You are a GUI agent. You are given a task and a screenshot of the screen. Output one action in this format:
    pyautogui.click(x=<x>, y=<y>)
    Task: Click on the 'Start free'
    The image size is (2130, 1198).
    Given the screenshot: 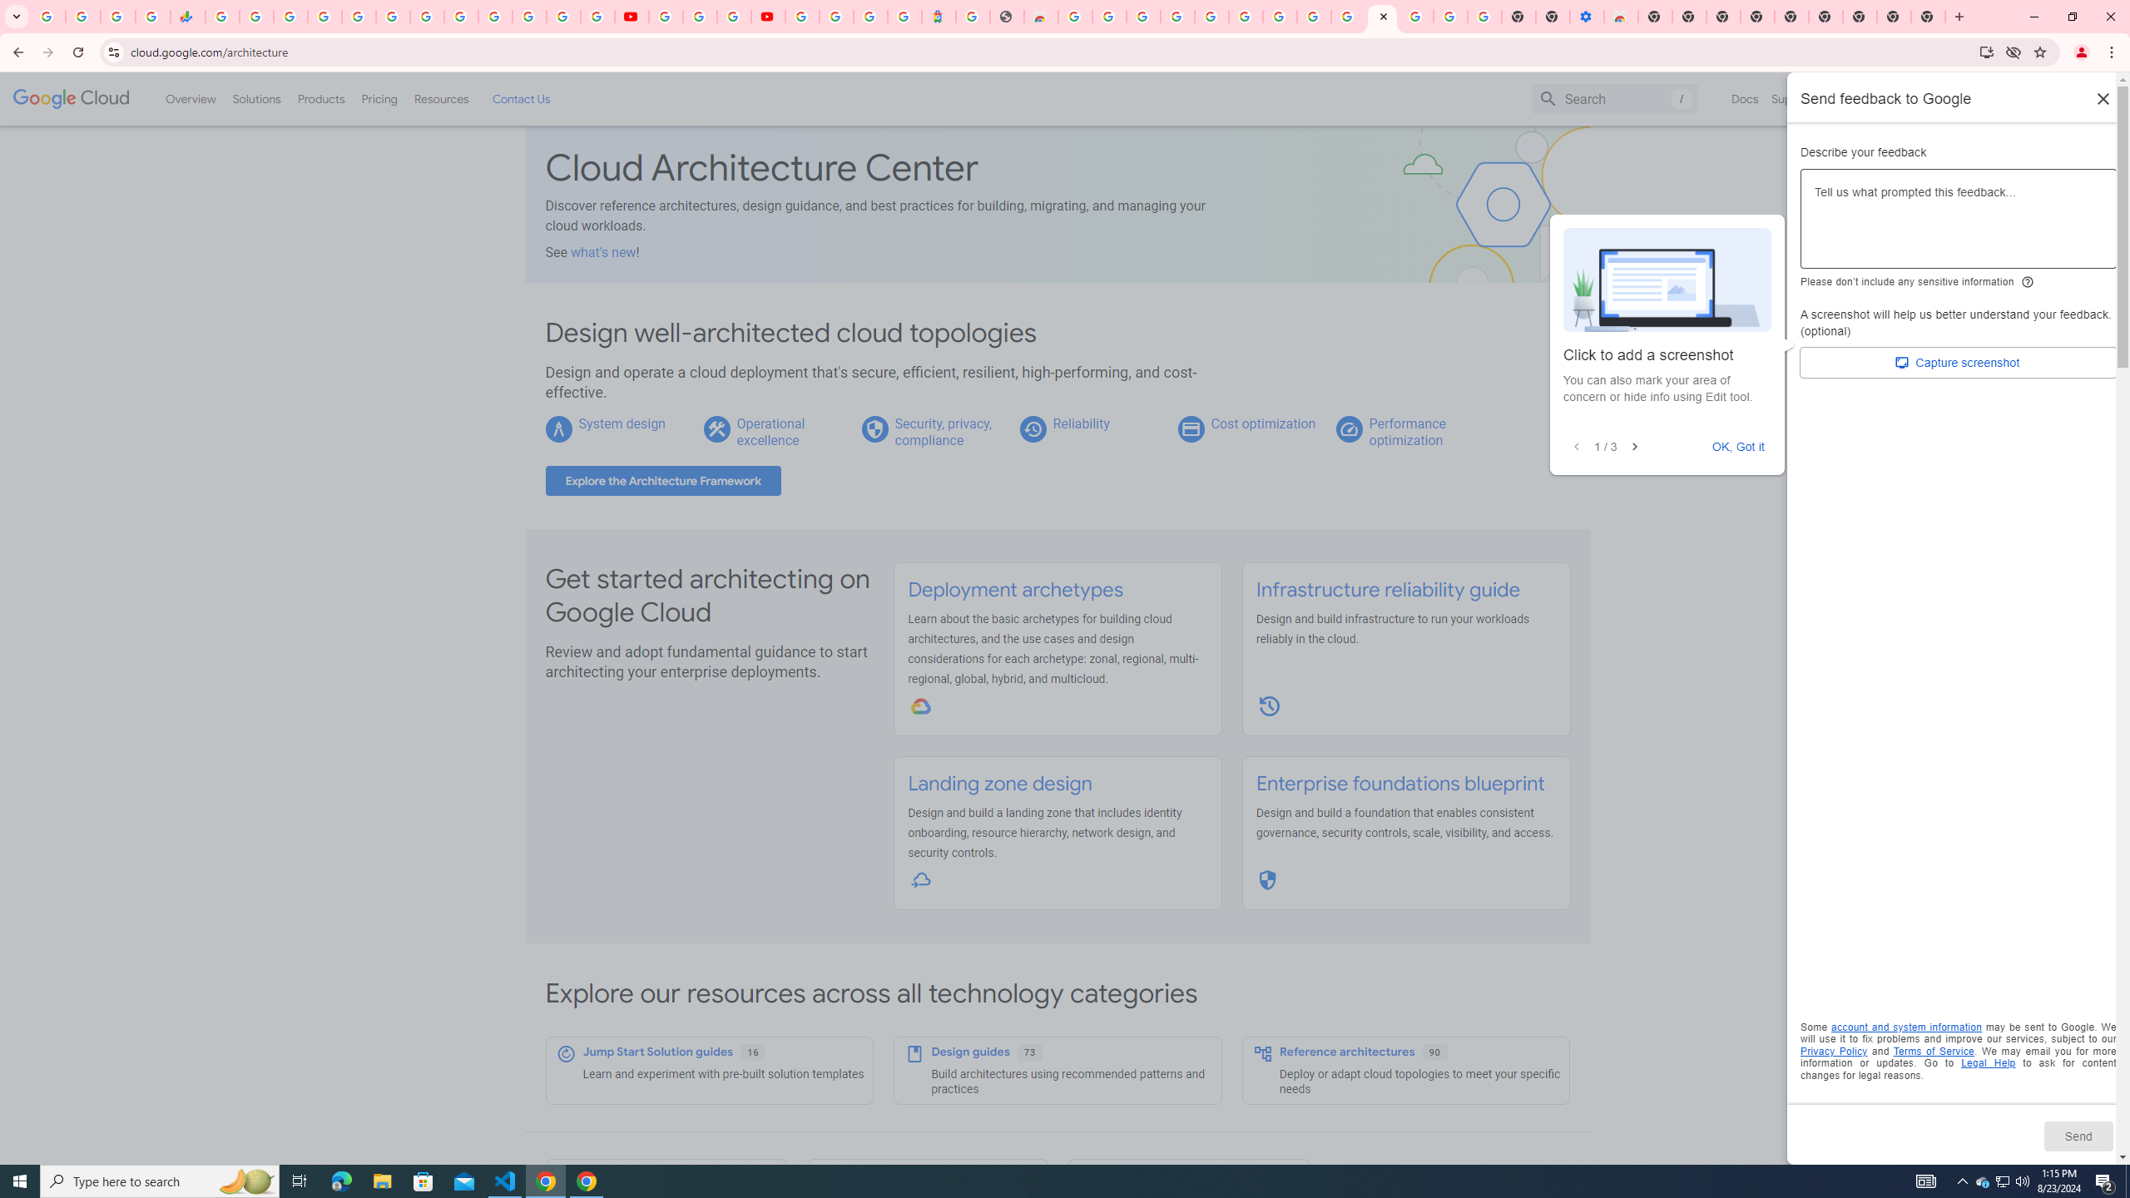 What is the action you would take?
    pyautogui.click(x=2055, y=98)
    